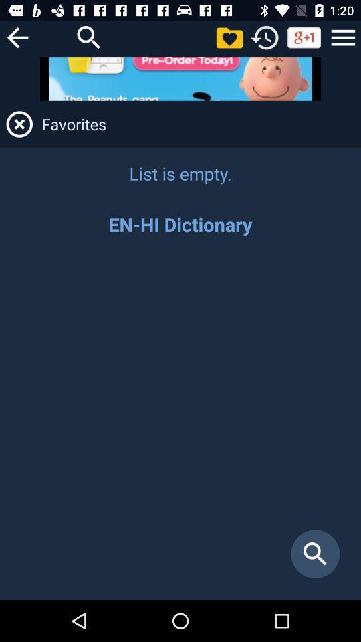  I want to click on see history, so click(265, 37).